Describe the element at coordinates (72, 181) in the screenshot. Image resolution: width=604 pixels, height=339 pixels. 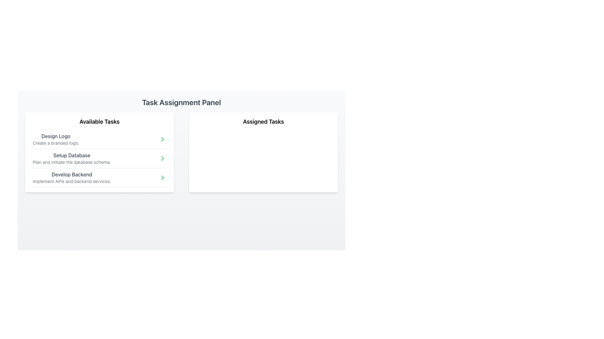
I see `the descriptive Label located in the third row of the 'Available Tasks' panel, immediately below the 'Develop Backend' header text` at that location.